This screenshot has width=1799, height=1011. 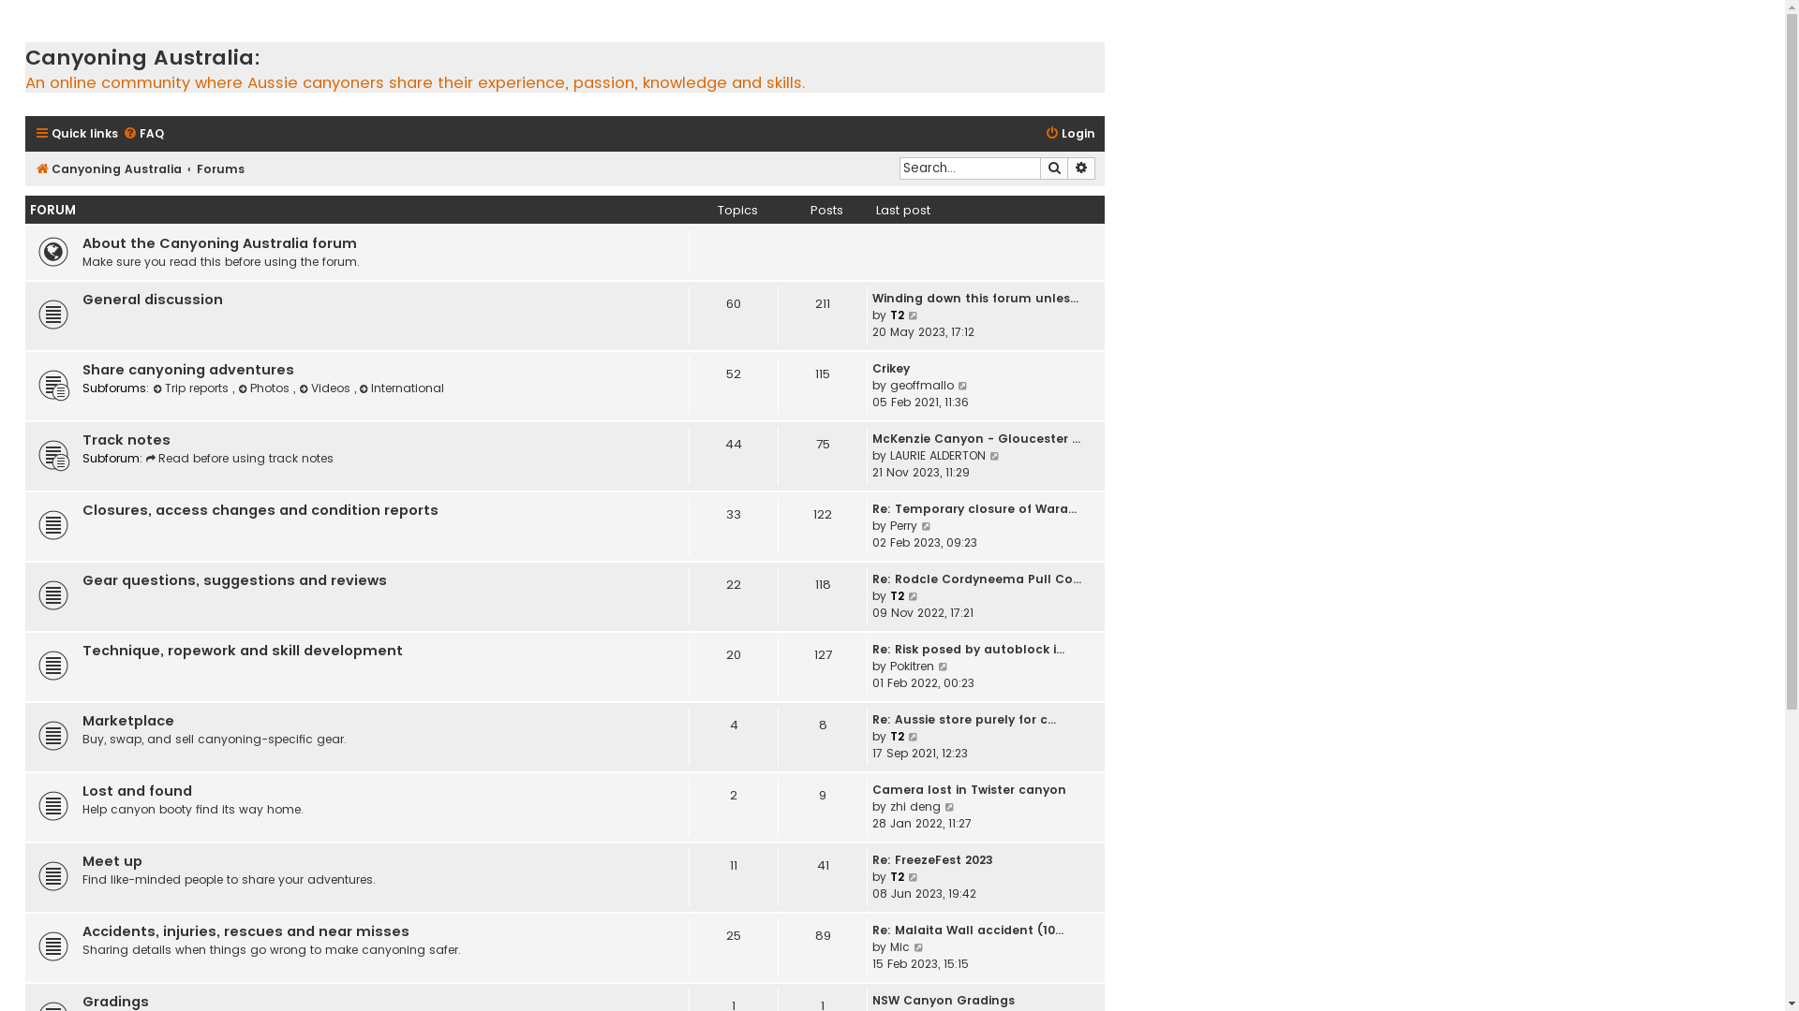 What do you see at coordinates (1043, 133) in the screenshot?
I see `'Login'` at bounding box center [1043, 133].